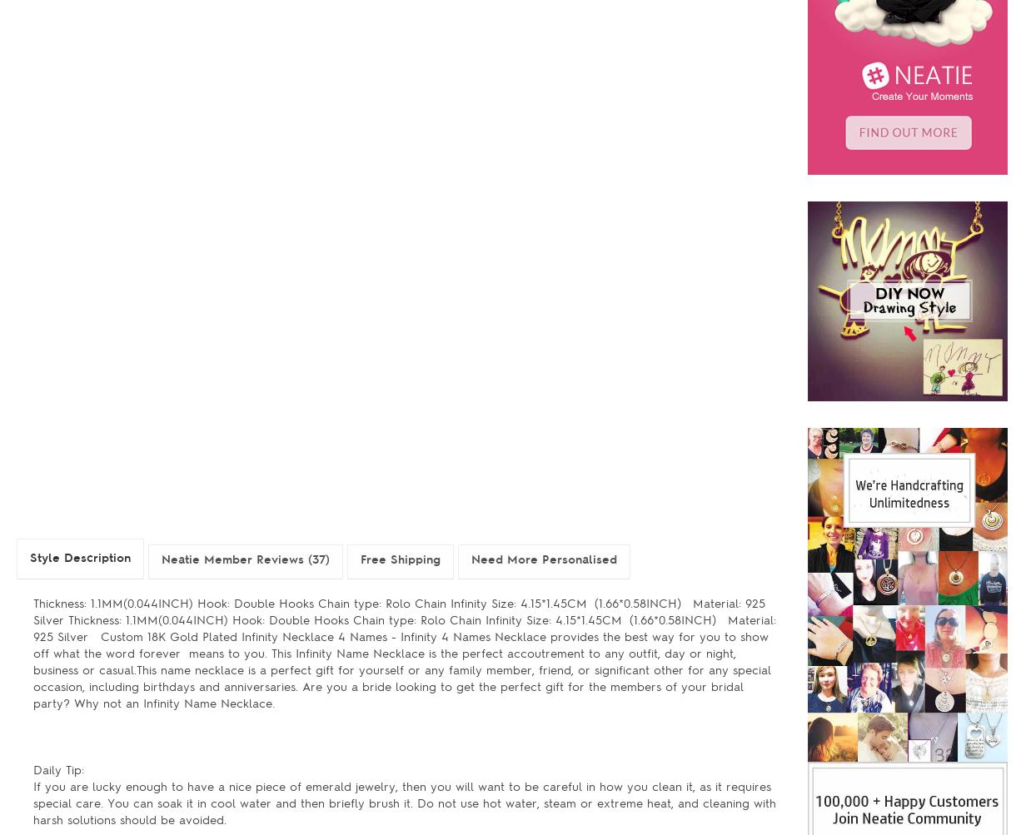 The image size is (1016, 835). What do you see at coordinates (498, 72) in the screenshot?
I see `'Jun.-Lavendar'` at bounding box center [498, 72].